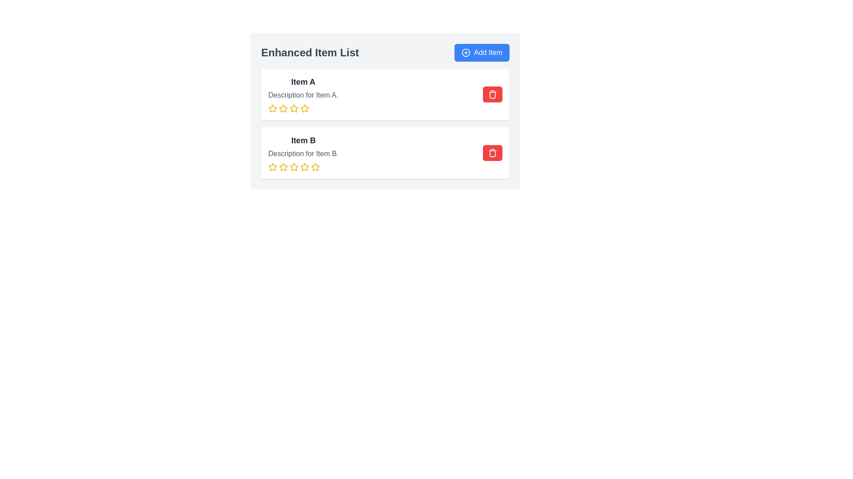 This screenshot has height=479, width=853. I want to click on the third yellow star icon in the rating system located under the text 'Description for Item A' in the card labeled 'Item A' to rate it, so click(283, 108).